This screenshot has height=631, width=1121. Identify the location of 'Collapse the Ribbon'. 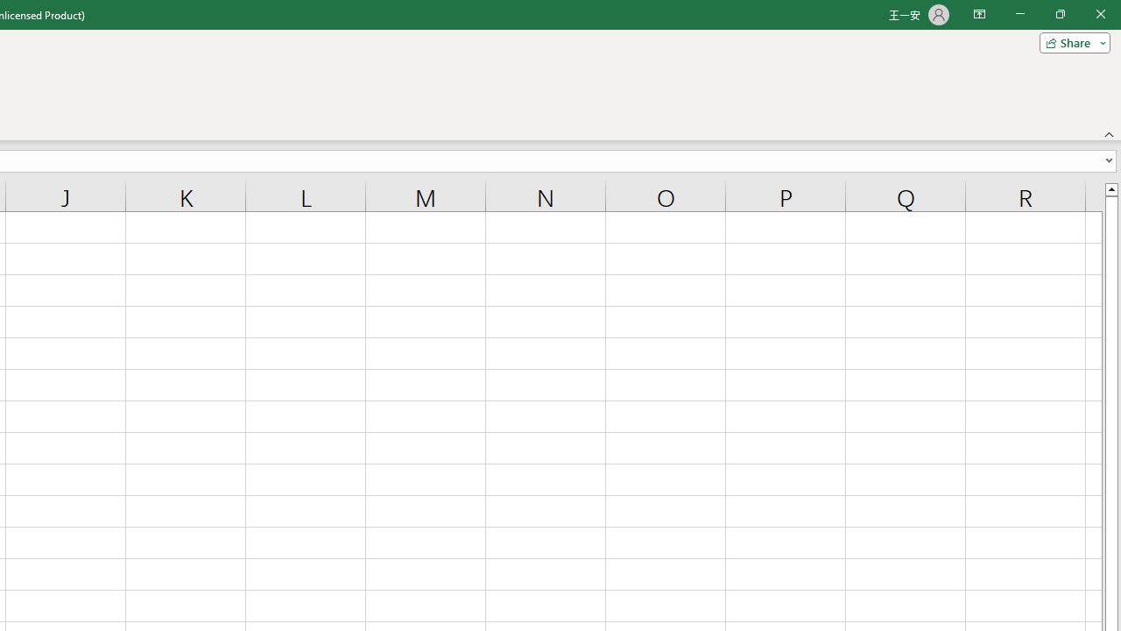
(1109, 133).